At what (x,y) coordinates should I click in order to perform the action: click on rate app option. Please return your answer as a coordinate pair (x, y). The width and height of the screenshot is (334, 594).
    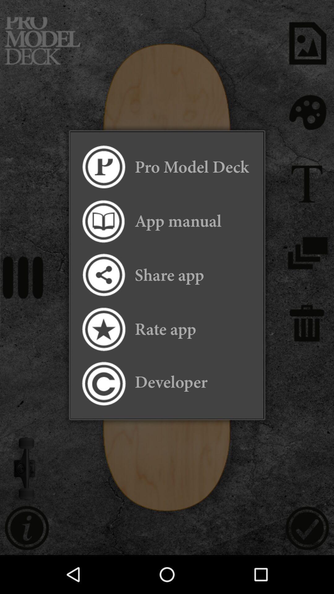
    Looking at the image, I should click on (103, 329).